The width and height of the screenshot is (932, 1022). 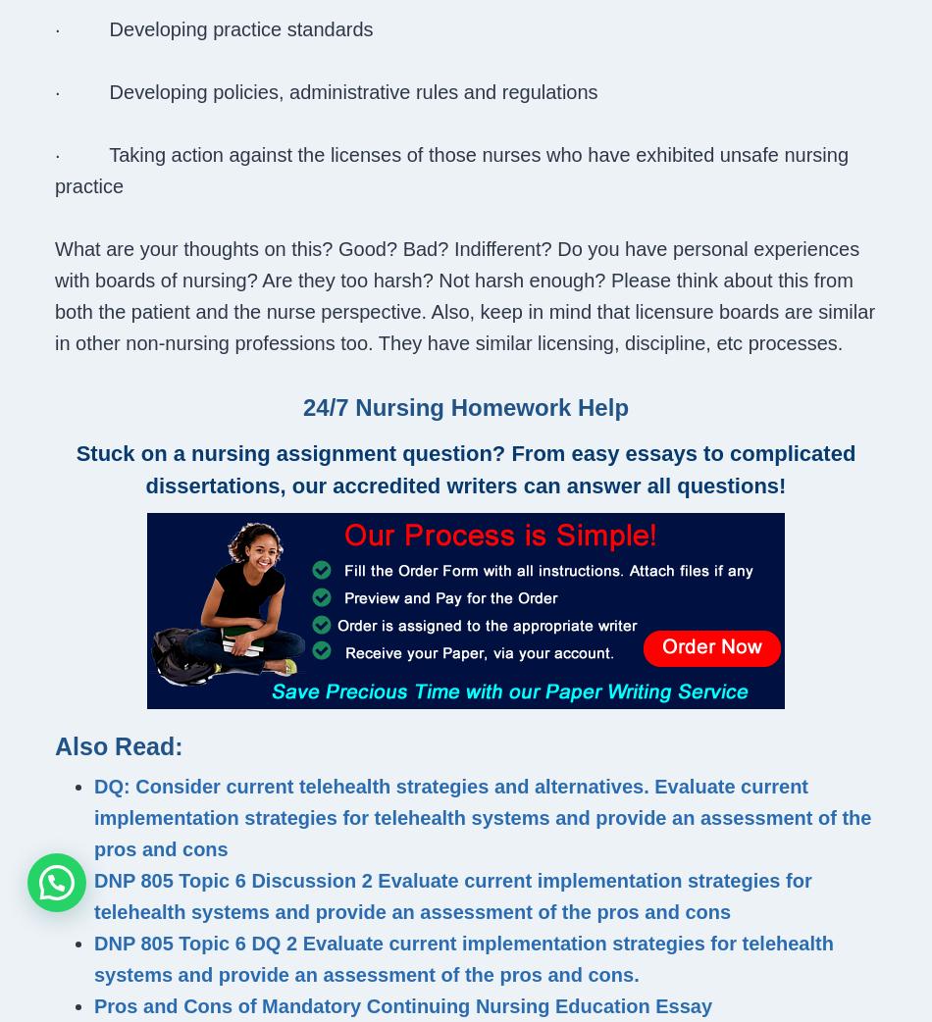 I want to click on 'DNP 805 Topic 6 Discussion 2 Evaluate current implementation strategies for telehealth systems and provide an assessment of the pros and cons', so click(x=451, y=894).